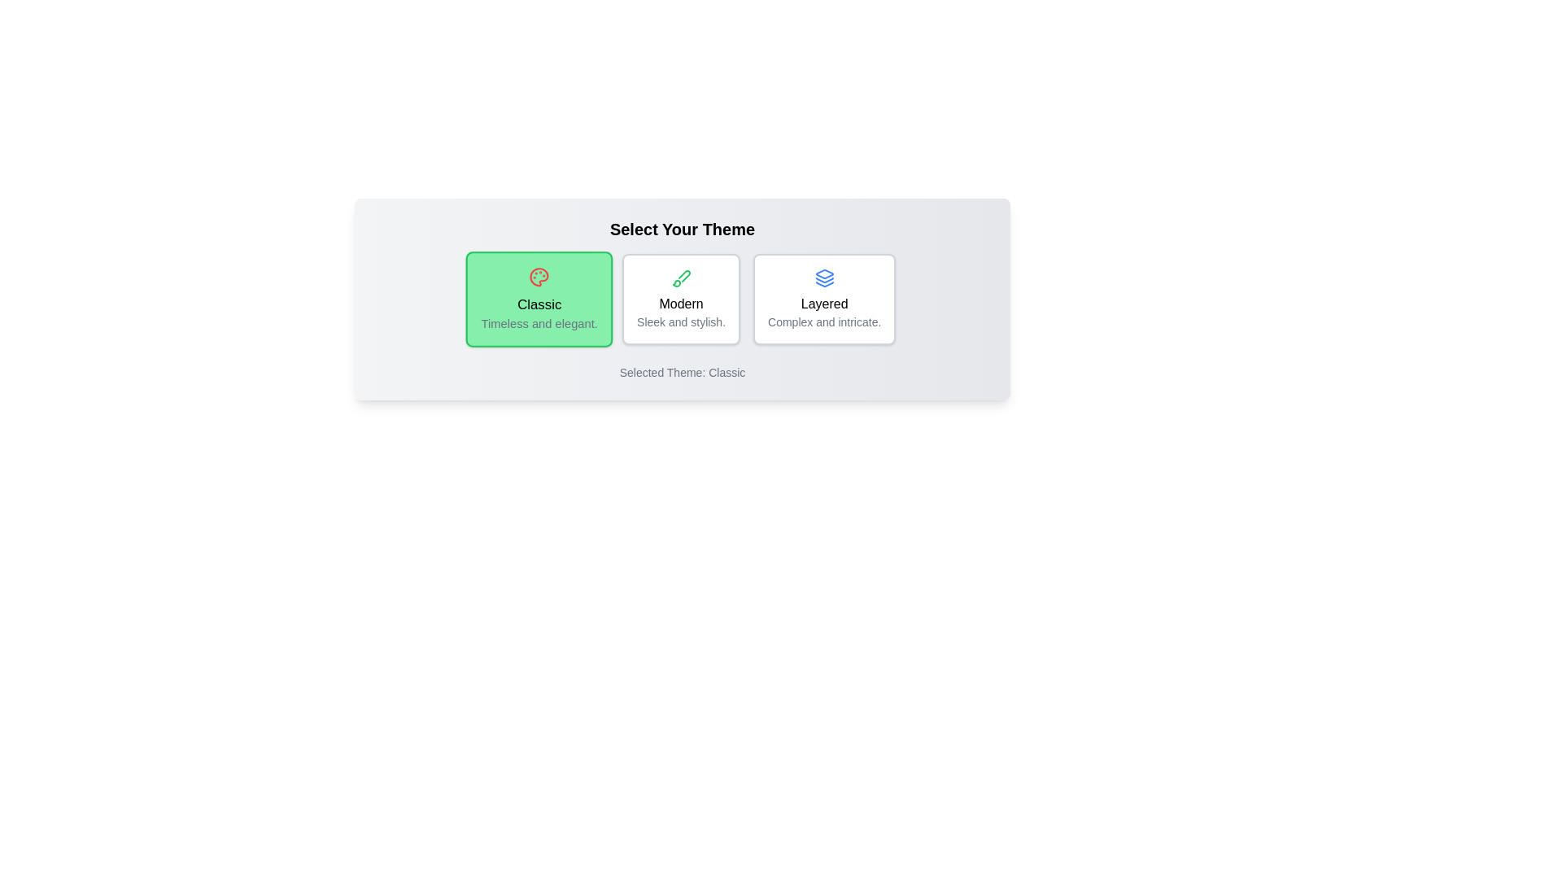  What do you see at coordinates (681, 299) in the screenshot?
I see `the theme Modern by clicking on its card` at bounding box center [681, 299].